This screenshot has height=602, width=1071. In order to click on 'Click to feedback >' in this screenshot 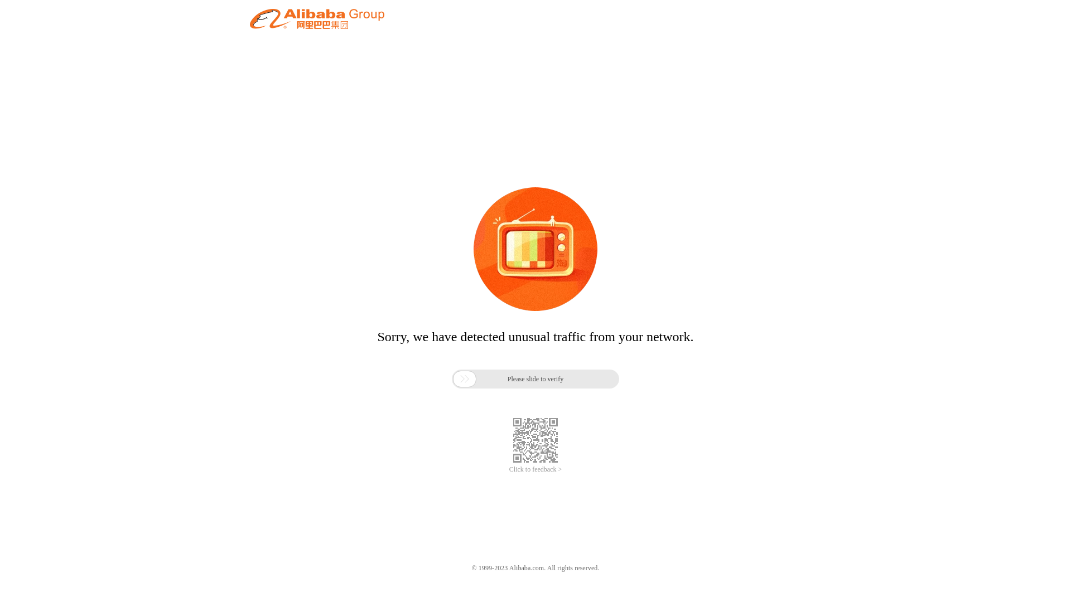, I will do `click(535, 469)`.